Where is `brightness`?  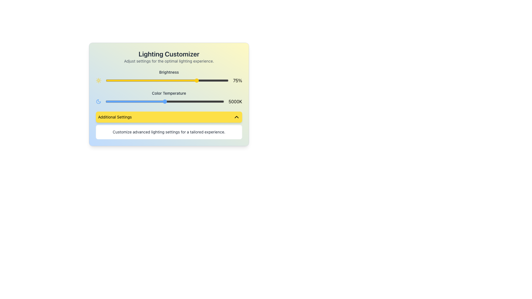 brightness is located at coordinates (126, 80).